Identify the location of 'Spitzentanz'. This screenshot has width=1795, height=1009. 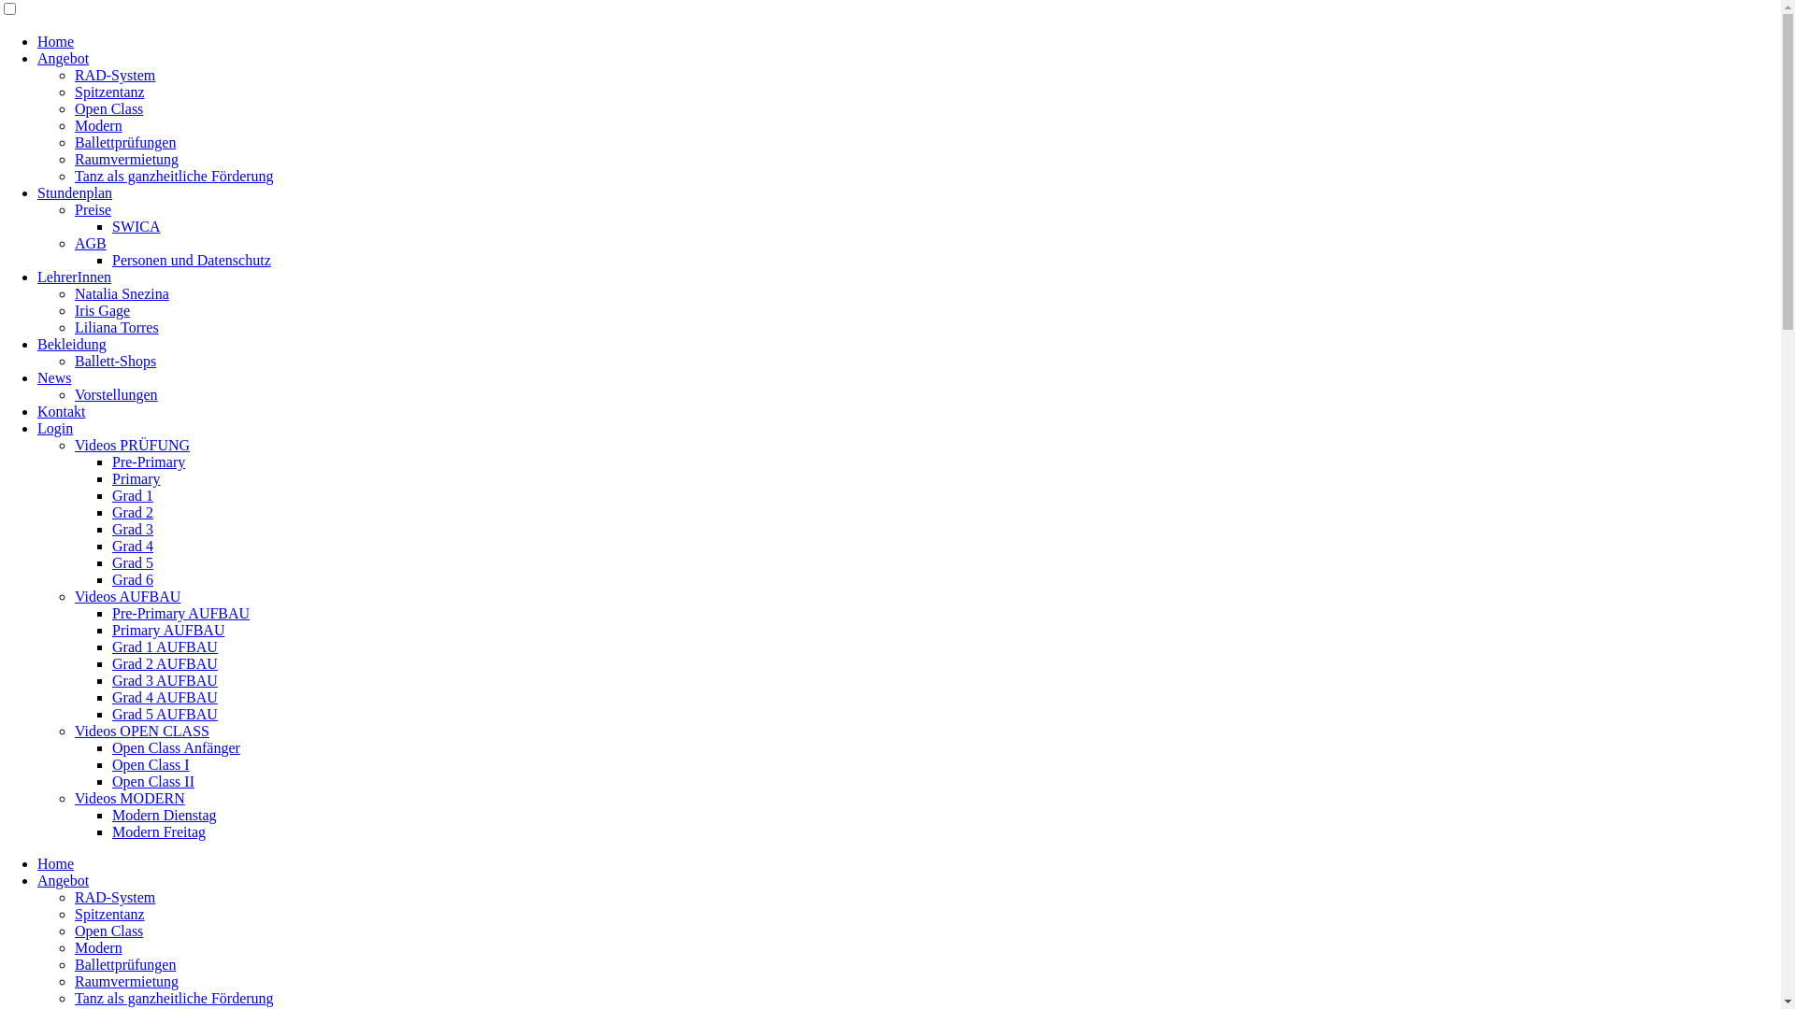
(75, 92).